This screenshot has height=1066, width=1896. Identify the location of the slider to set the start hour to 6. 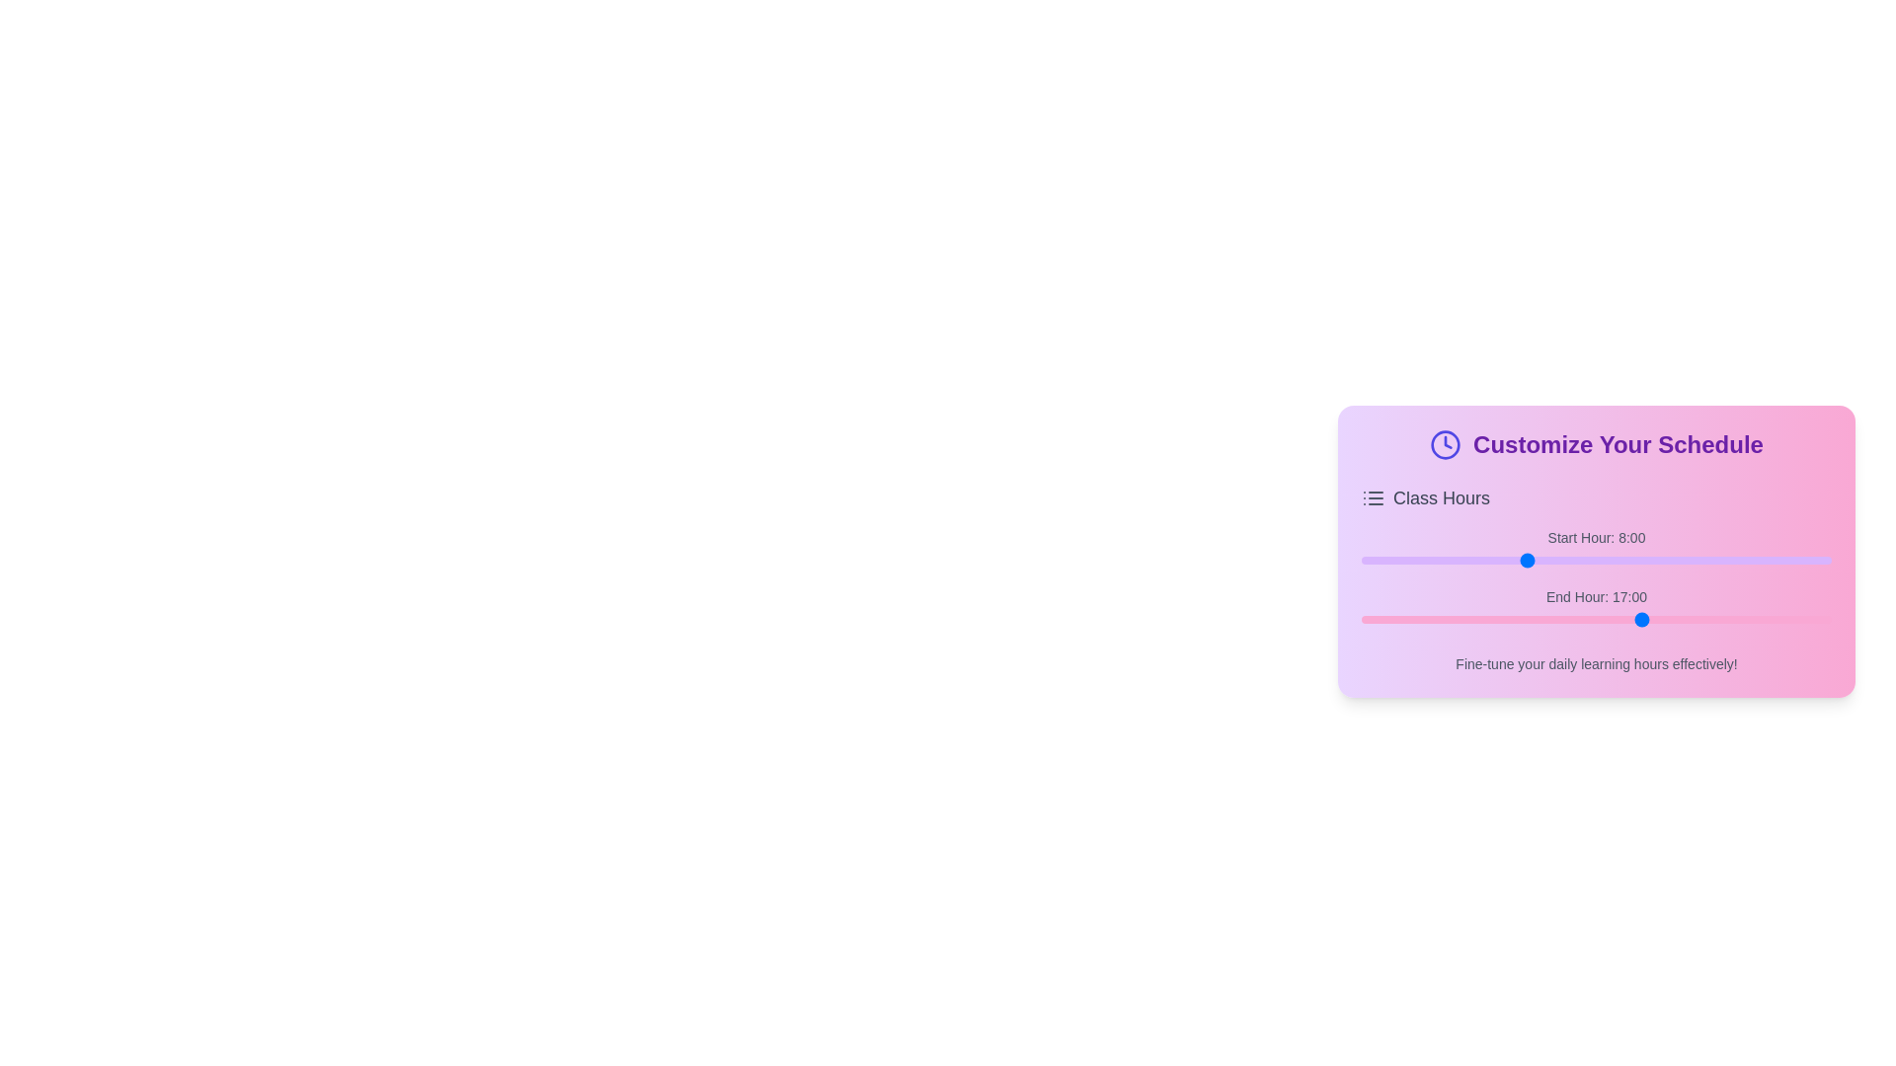
(1484, 560).